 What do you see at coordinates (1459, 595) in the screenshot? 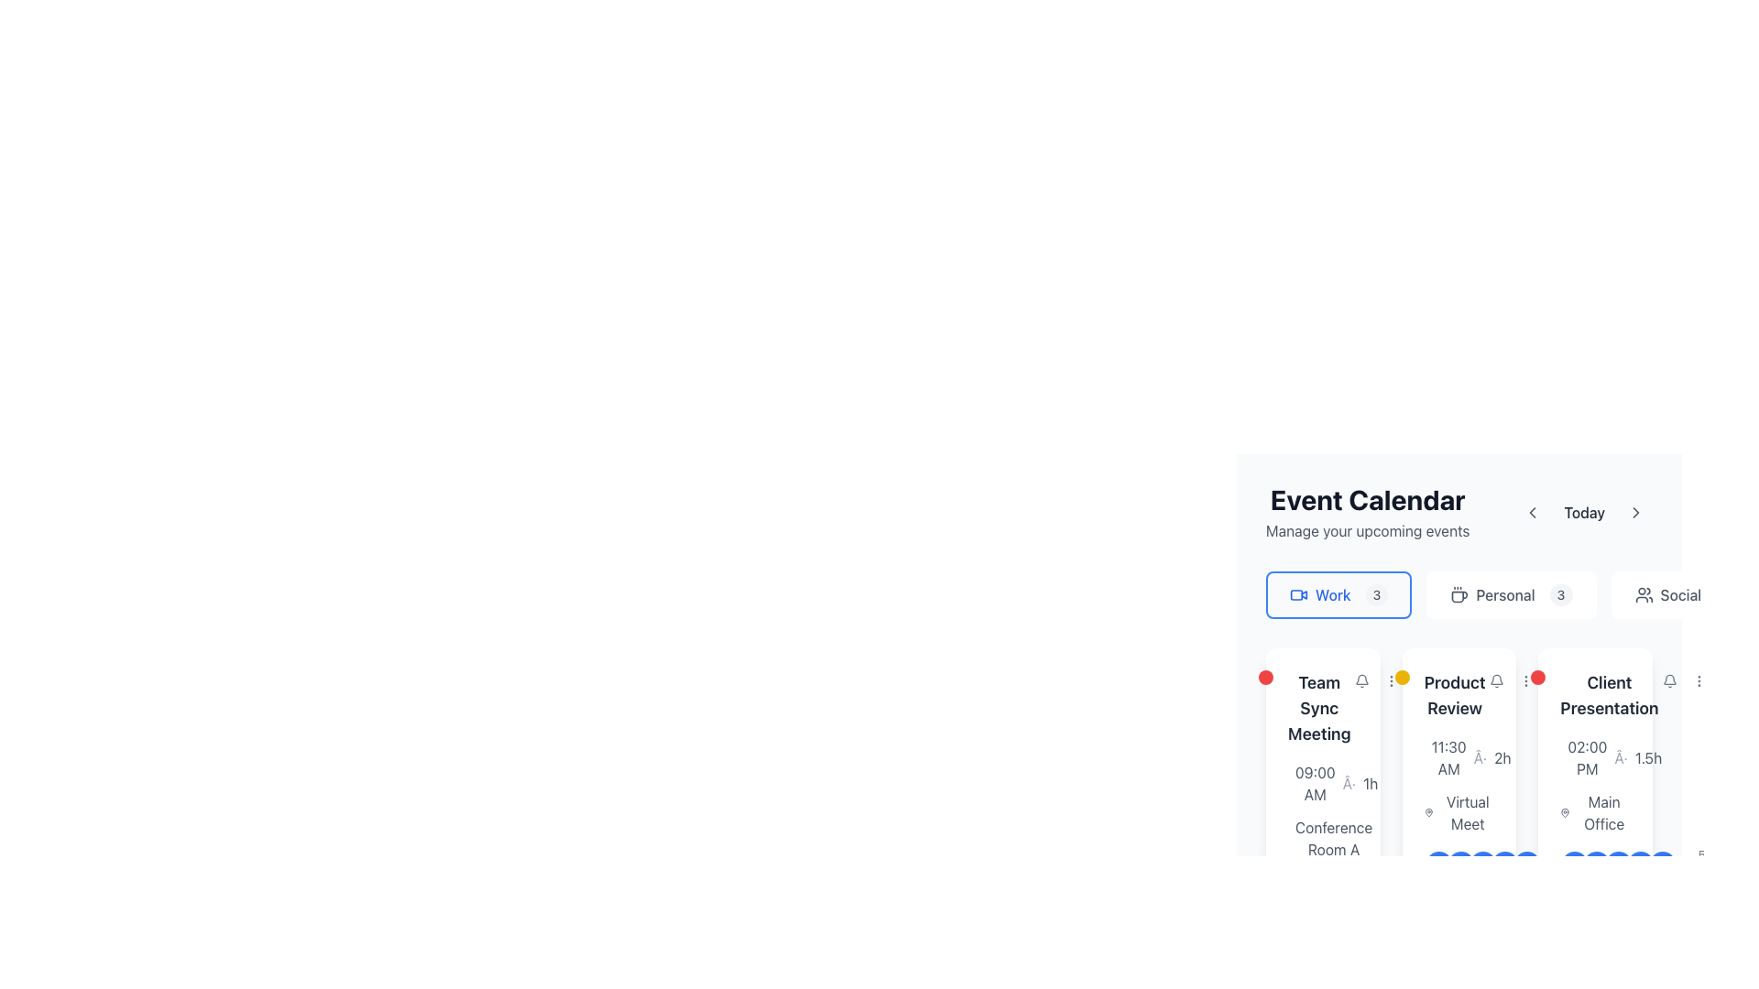
I see `the coffee cup SVG icon located on the 'Personal 3' button in the event calendar interface` at bounding box center [1459, 595].